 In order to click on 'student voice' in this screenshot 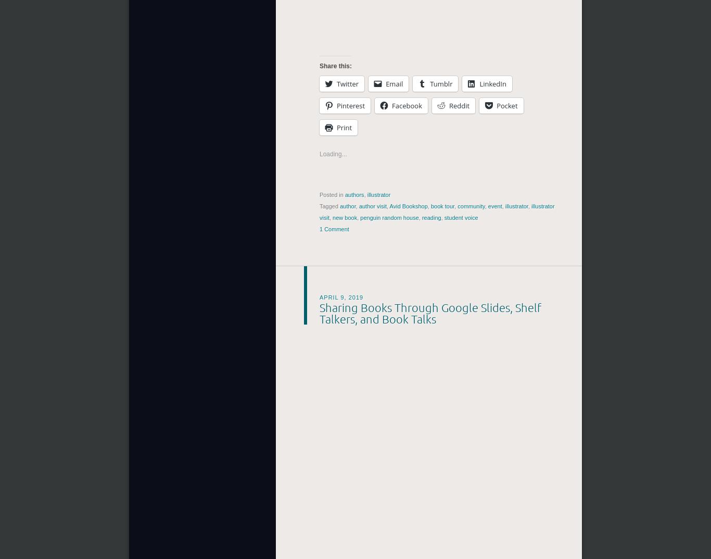, I will do `click(460, 218)`.